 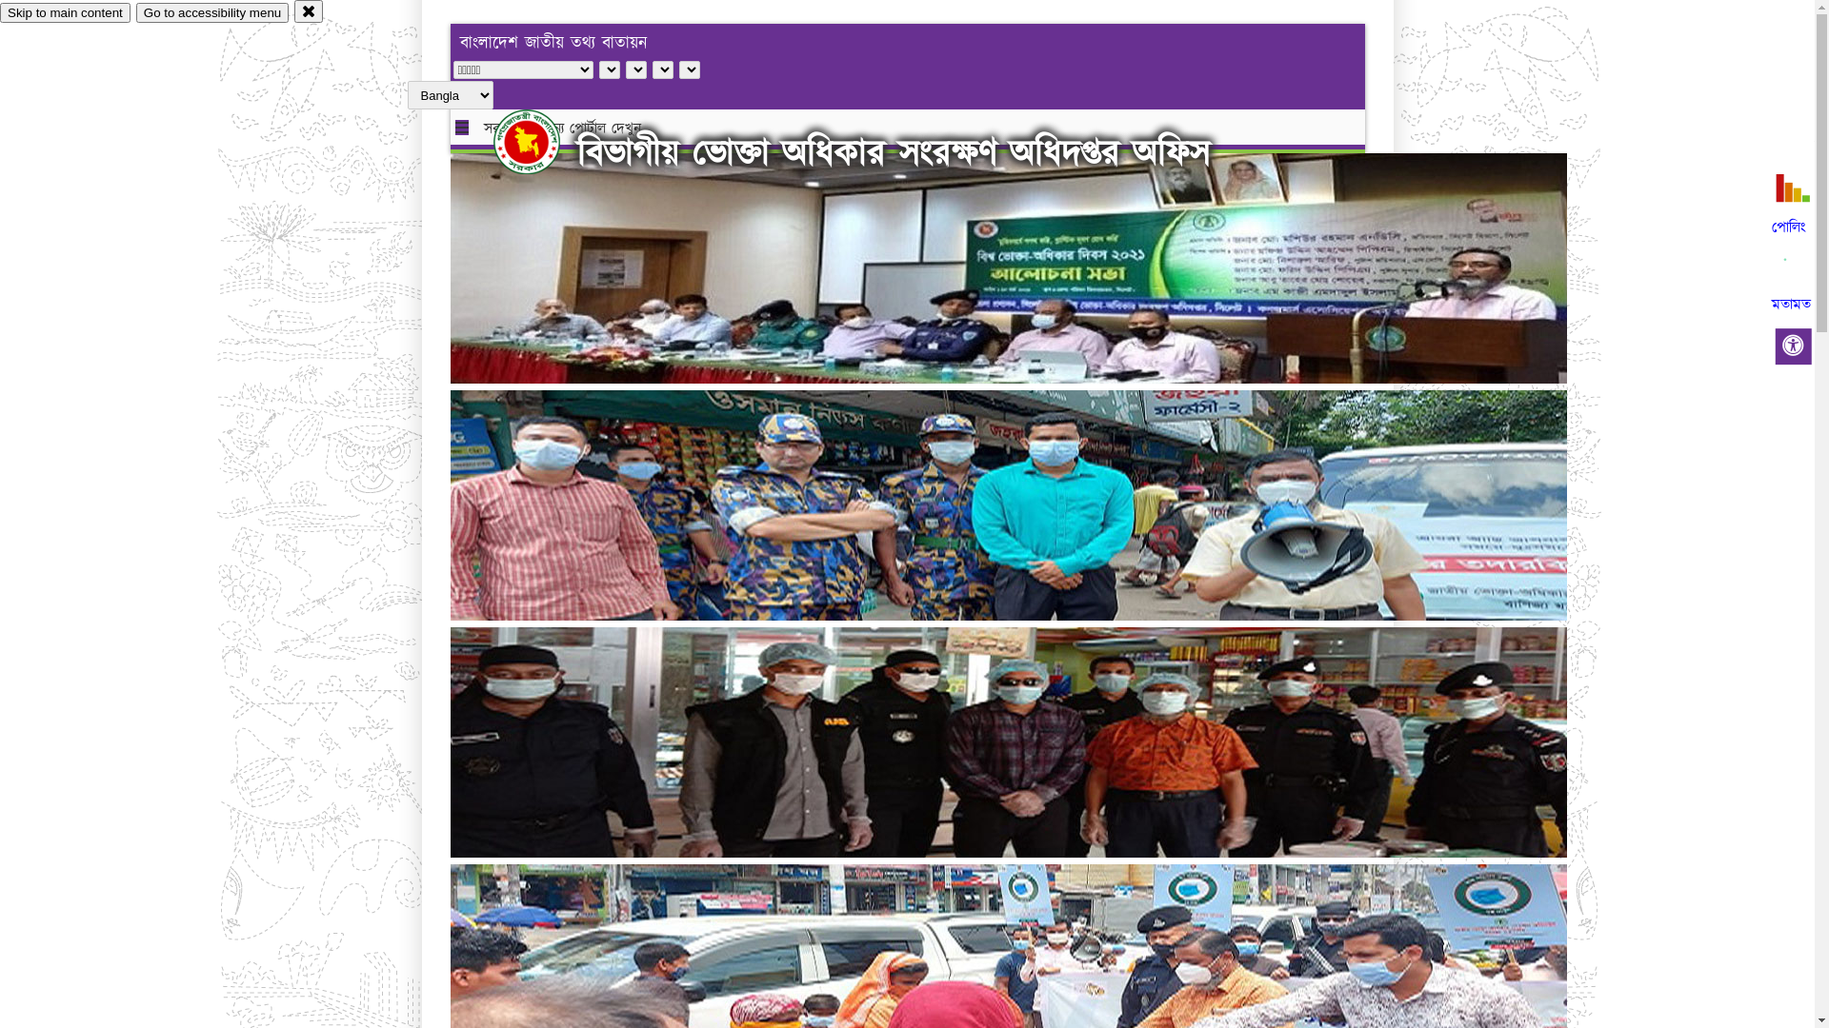 What do you see at coordinates (211, 12) in the screenshot?
I see `'Go to accessibility menu'` at bounding box center [211, 12].